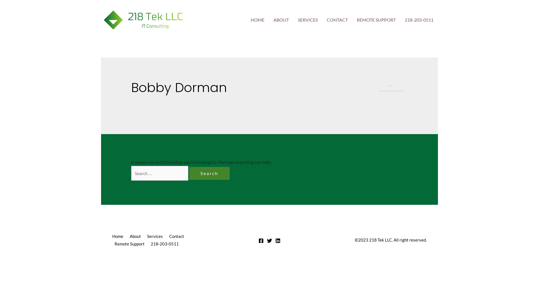 This screenshot has width=539, height=303. What do you see at coordinates (257, 19) in the screenshot?
I see `'HOME'` at bounding box center [257, 19].